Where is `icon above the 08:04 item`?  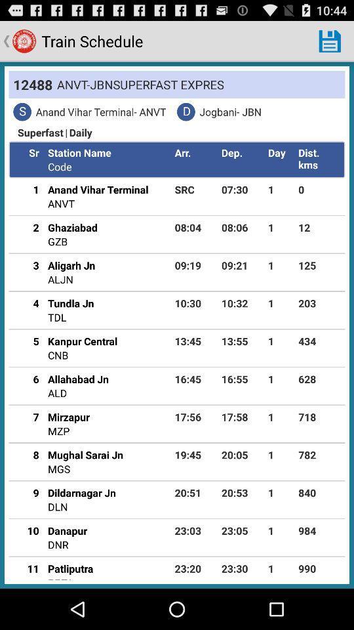 icon above the 08:04 item is located at coordinates (195, 188).